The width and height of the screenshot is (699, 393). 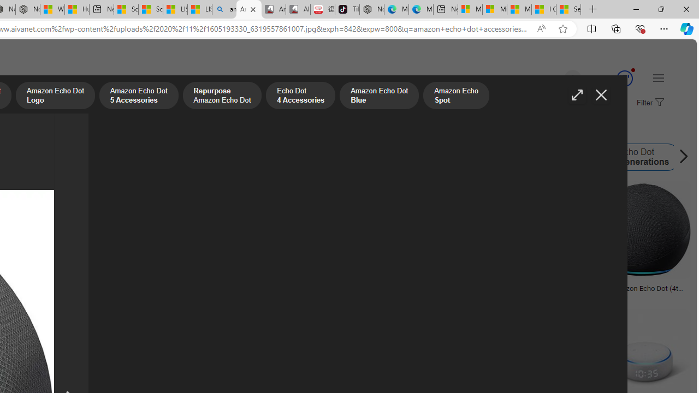 What do you see at coordinates (635, 157) in the screenshot?
I see `'Class: item col'` at bounding box center [635, 157].